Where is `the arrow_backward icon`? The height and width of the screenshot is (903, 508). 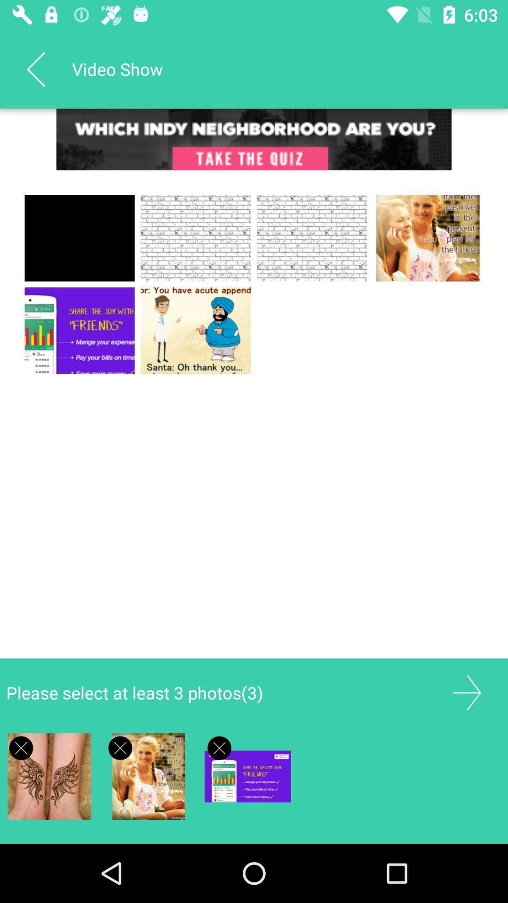
the arrow_backward icon is located at coordinates (35, 69).